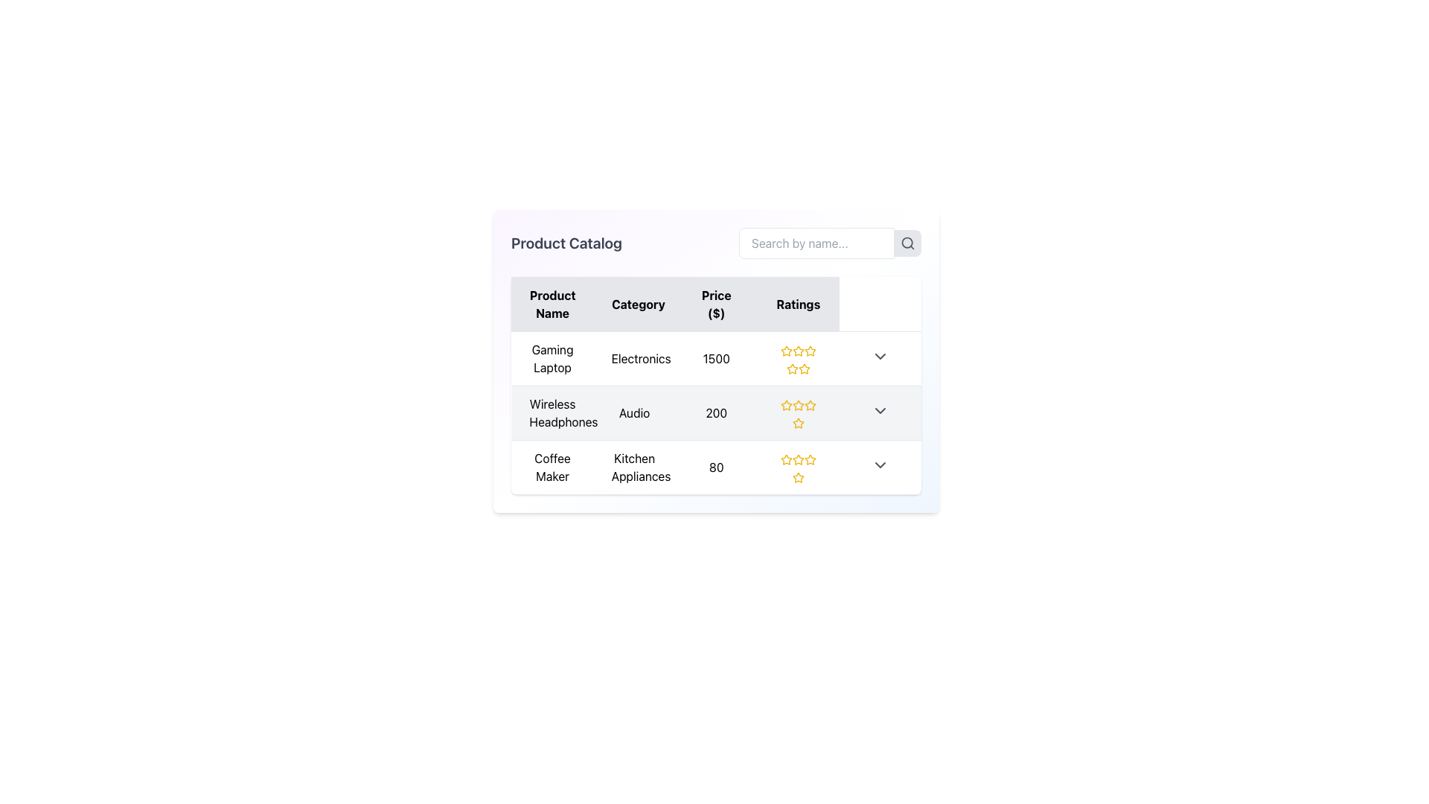 This screenshot has width=1429, height=804. I want to click on the search button which is a small rounded rectangle with a light gray fill and a magnifying glass icon, located adjacent to the right side of the text input box in the header section, so click(907, 243).